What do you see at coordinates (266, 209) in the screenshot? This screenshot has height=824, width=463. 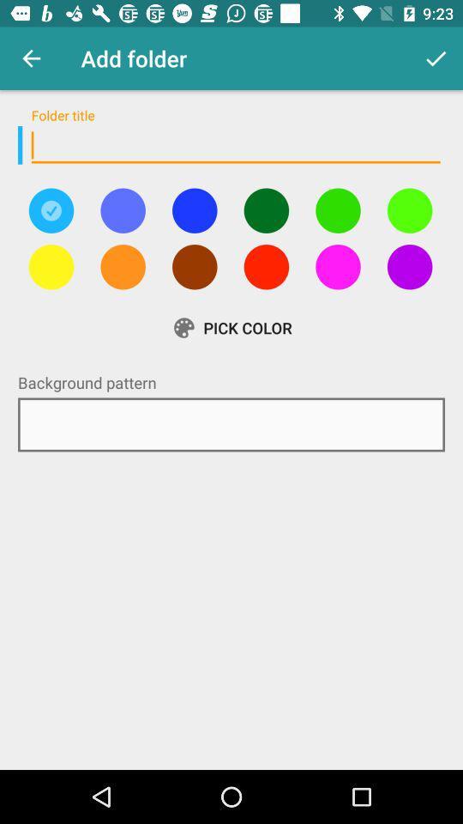 I see `the avatar icon` at bounding box center [266, 209].